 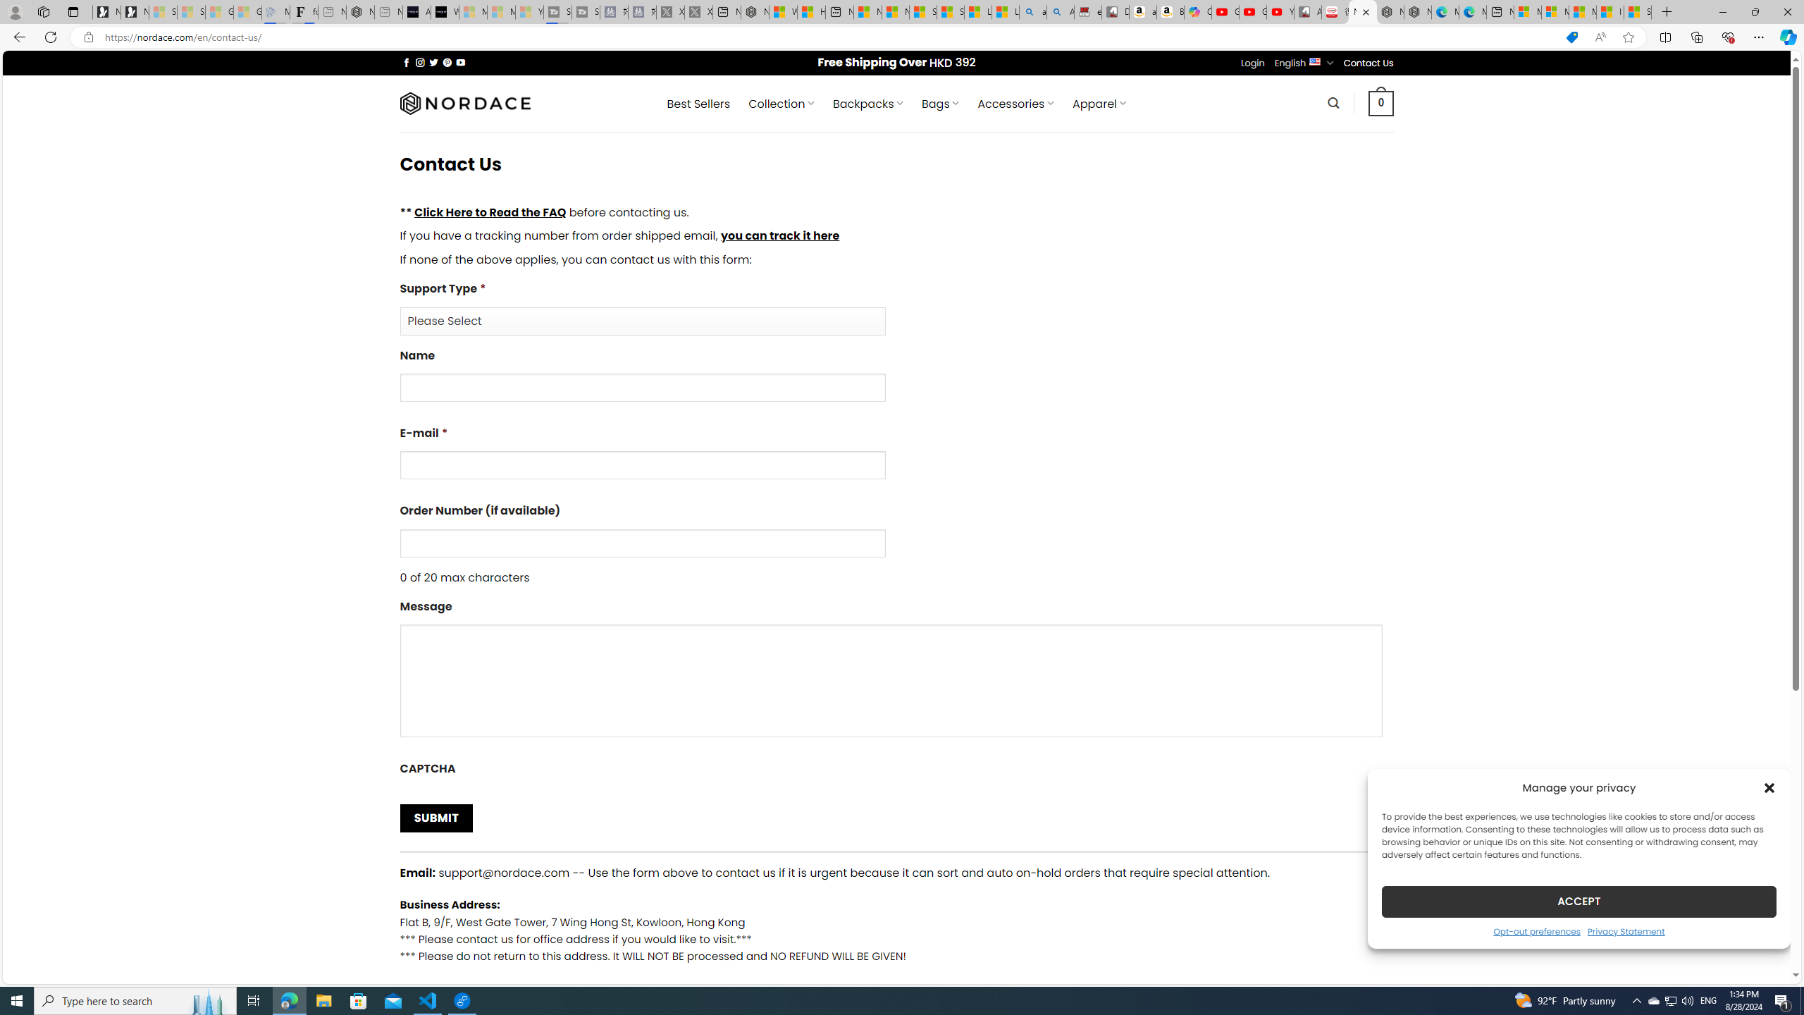 What do you see at coordinates (43, 11) in the screenshot?
I see `'Workspaces'` at bounding box center [43, 11].